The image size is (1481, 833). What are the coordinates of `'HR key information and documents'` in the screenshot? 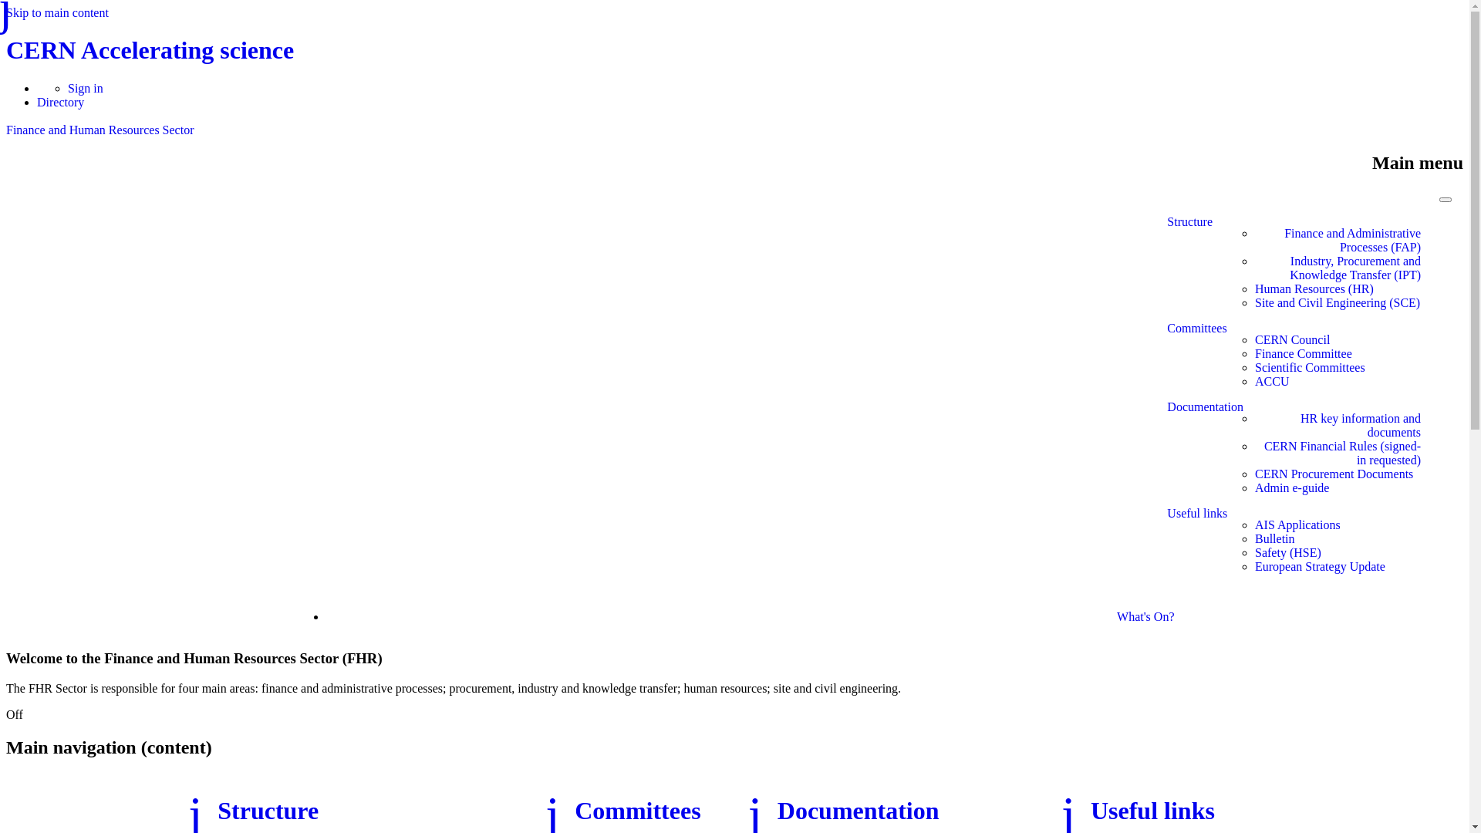 It's located at (1337, 425).